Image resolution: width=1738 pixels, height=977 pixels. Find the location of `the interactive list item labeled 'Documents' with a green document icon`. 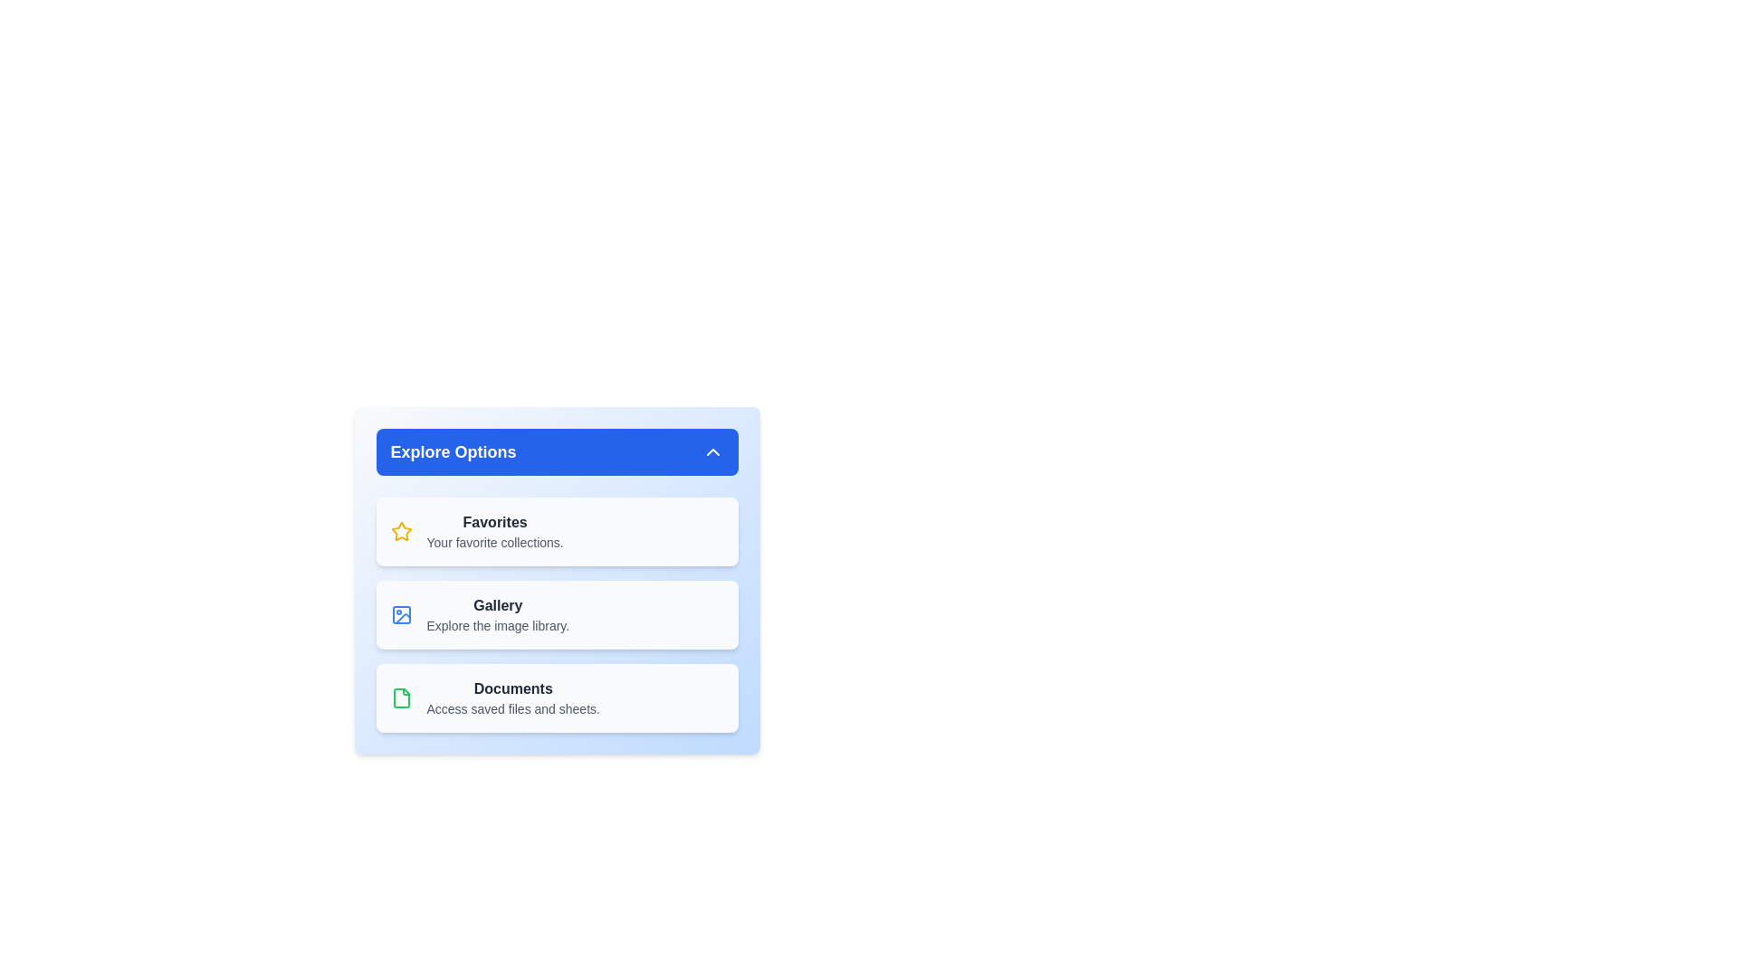

the interactive list item labeled 'Documents' with a green document icon is located at coordinates (556, 697).